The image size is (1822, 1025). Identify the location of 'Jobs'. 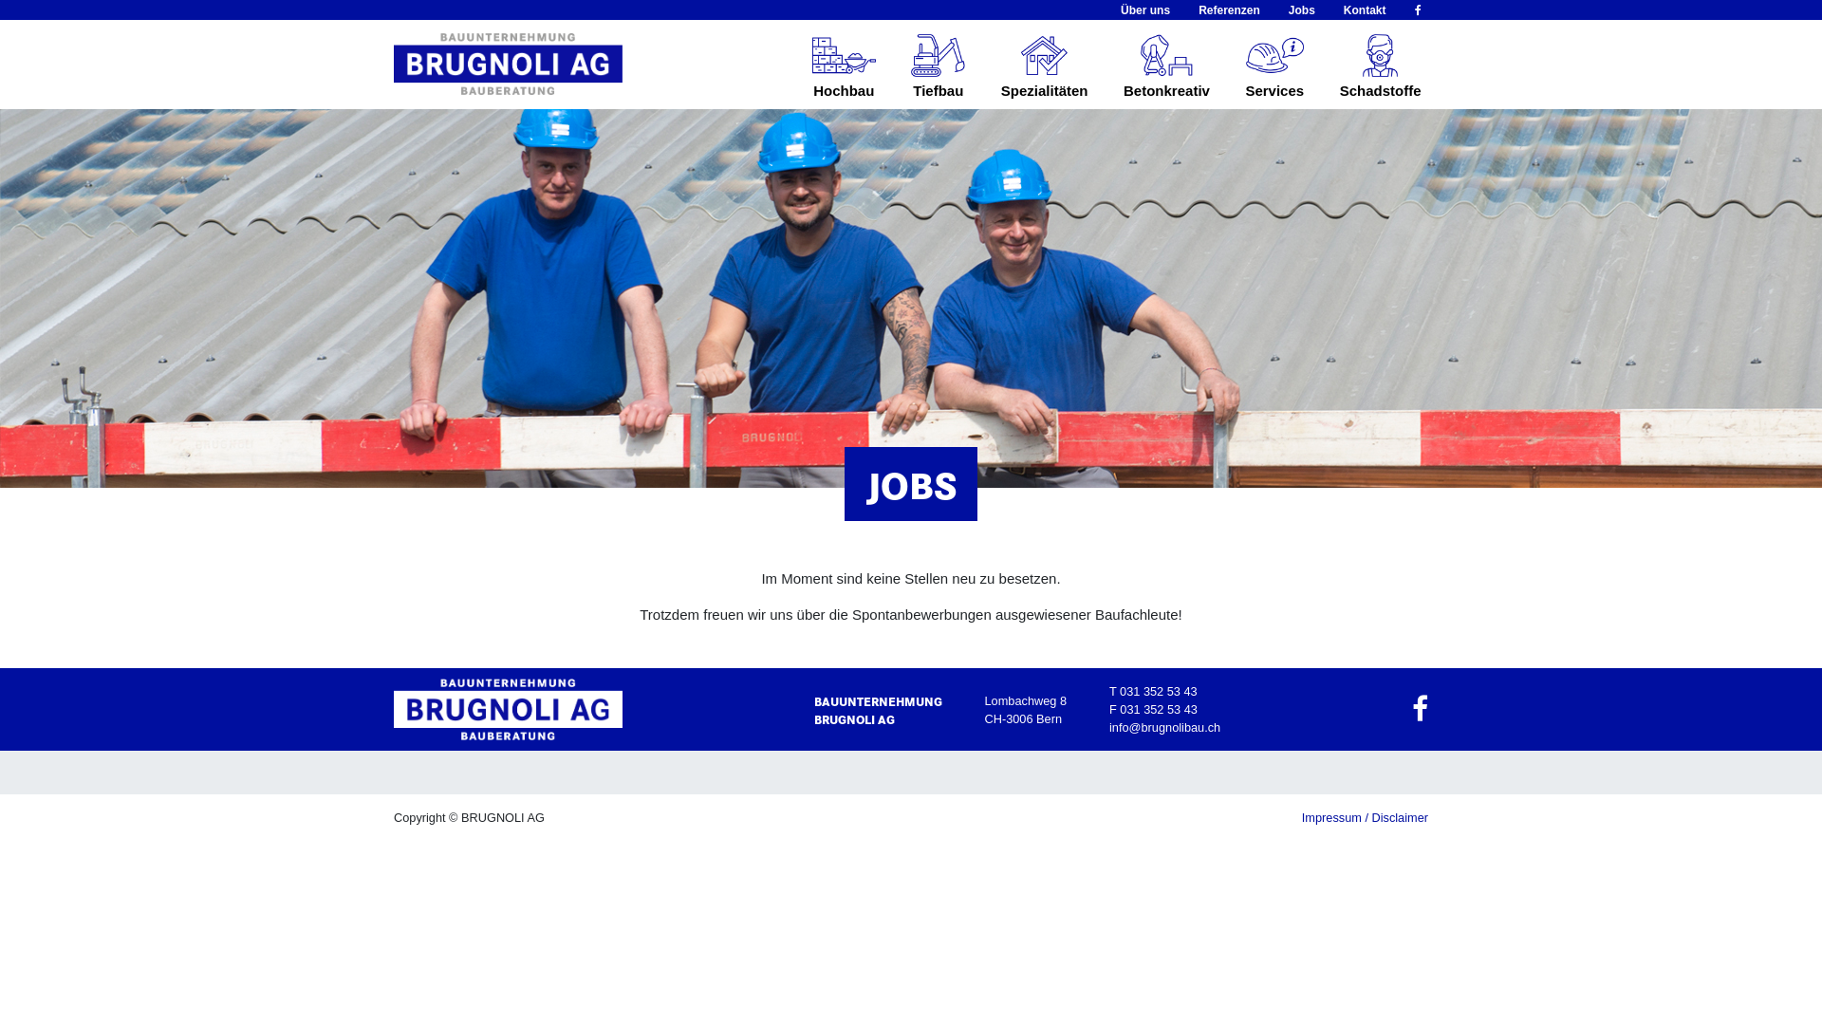
(1301, 9).